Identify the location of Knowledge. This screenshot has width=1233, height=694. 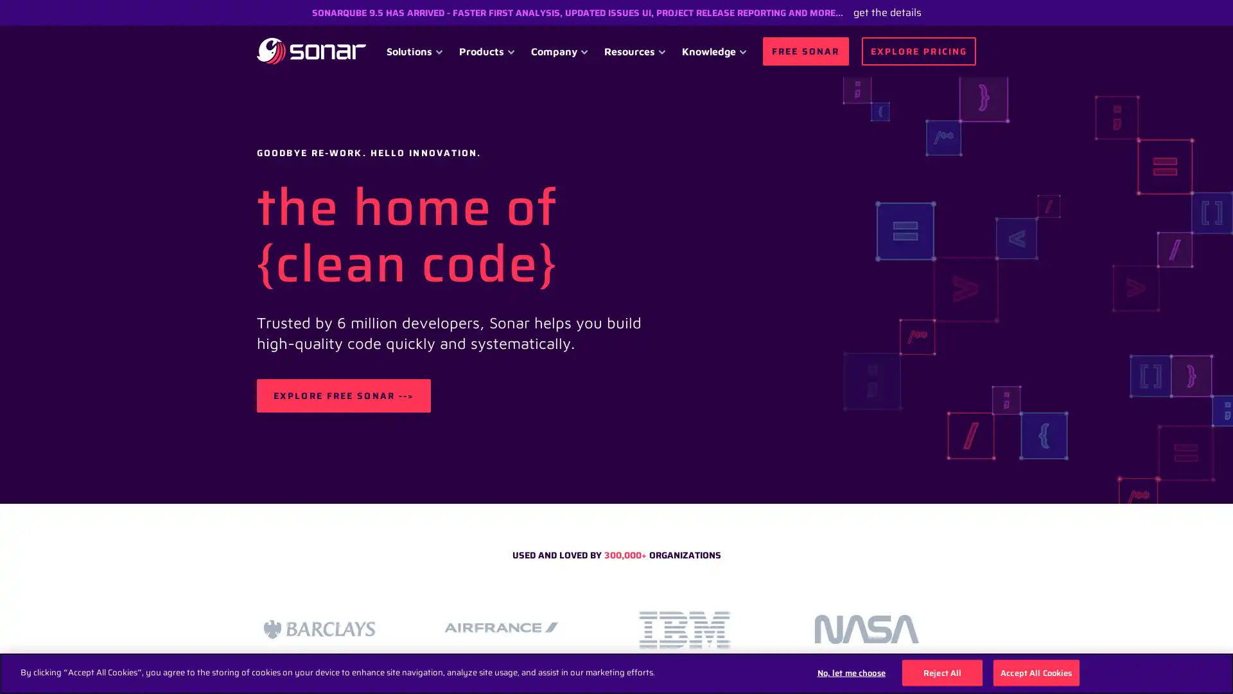
(721, 51).